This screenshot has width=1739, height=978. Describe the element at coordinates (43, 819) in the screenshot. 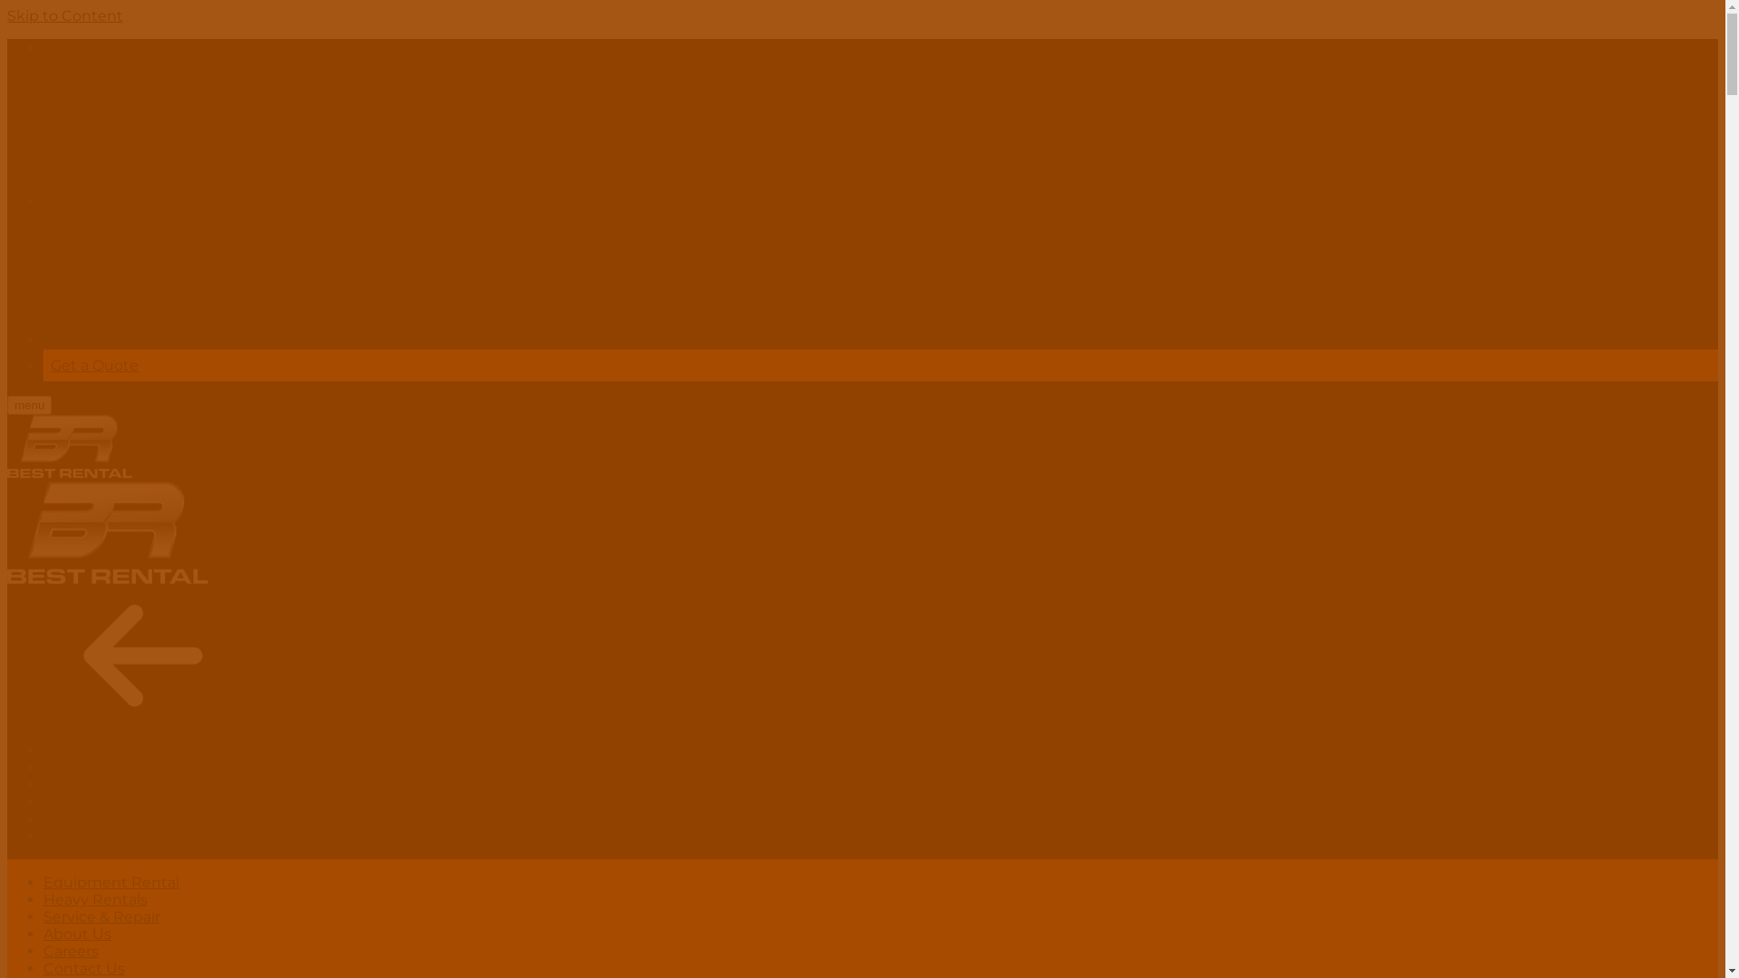

I see `'Careers'` at that location.